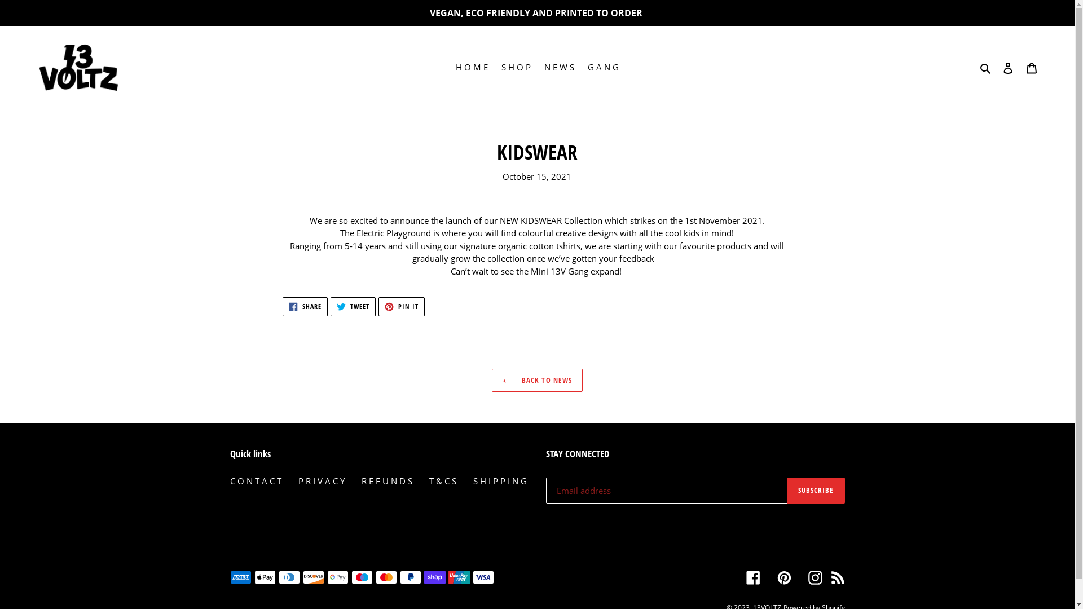 The height and width of the screenshot is (609, 1083). Describe the element at coordinates (996, 67) in the screenshot. I see `'Log in'` at that location.